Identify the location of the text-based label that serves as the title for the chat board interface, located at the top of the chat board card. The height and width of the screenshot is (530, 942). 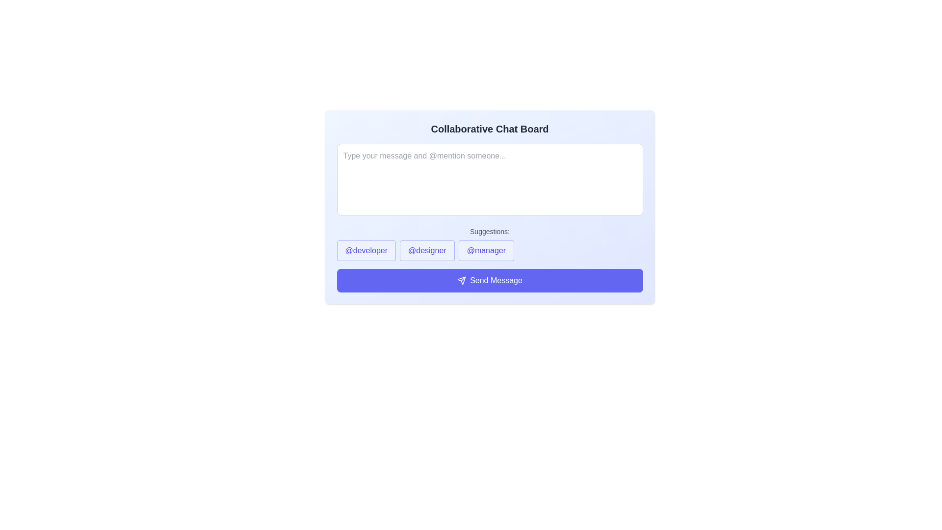
(490, 128).